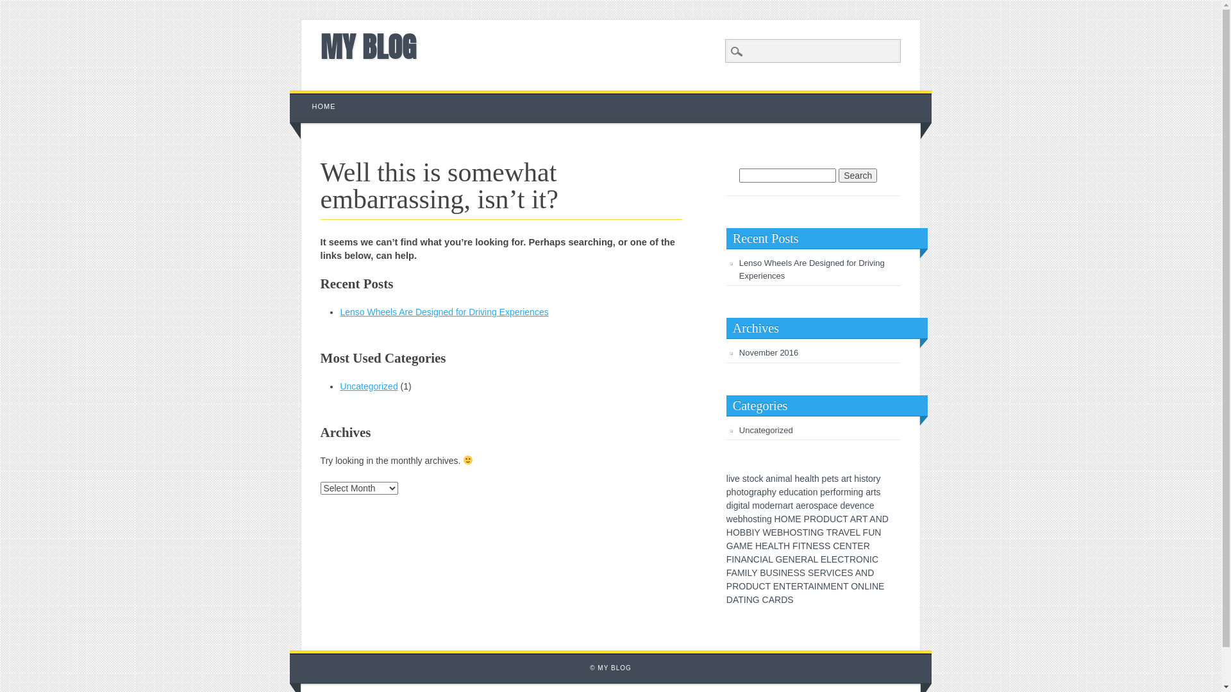 This screenshot has height=692, width=1231. Describe the element at coordinates (771, 505) in the screenshot. I see `'e'` at that location.